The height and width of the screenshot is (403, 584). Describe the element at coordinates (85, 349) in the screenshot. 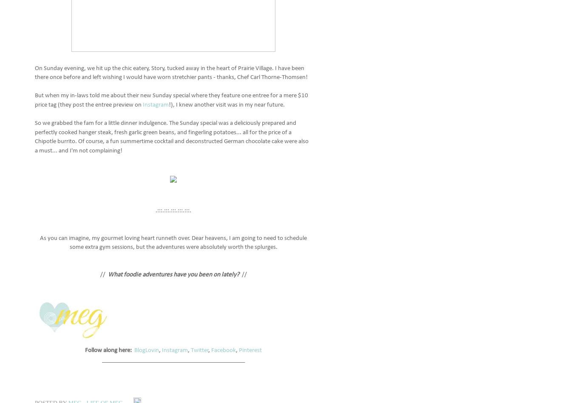

I see `'Follow along here:'` at that location.